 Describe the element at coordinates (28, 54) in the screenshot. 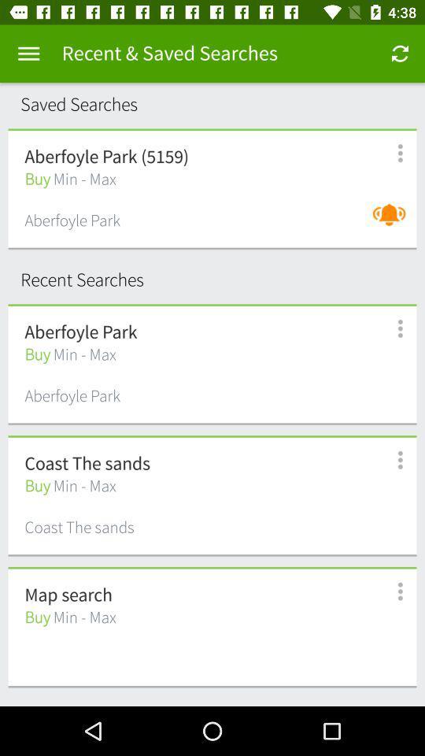

I see `item next to recent & saved searches` at that location.